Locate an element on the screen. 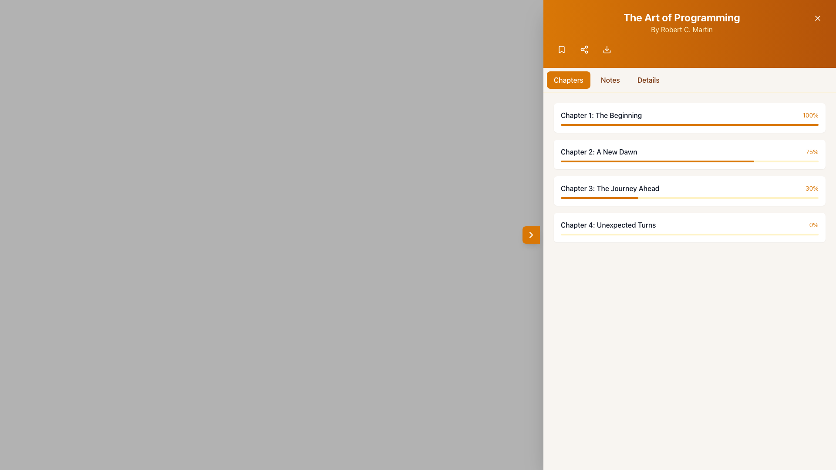  the static text label displaying 'Chapter 2: A New Dawn', which is a prominent element in the list of chapters is located at coordinates (598, 151).